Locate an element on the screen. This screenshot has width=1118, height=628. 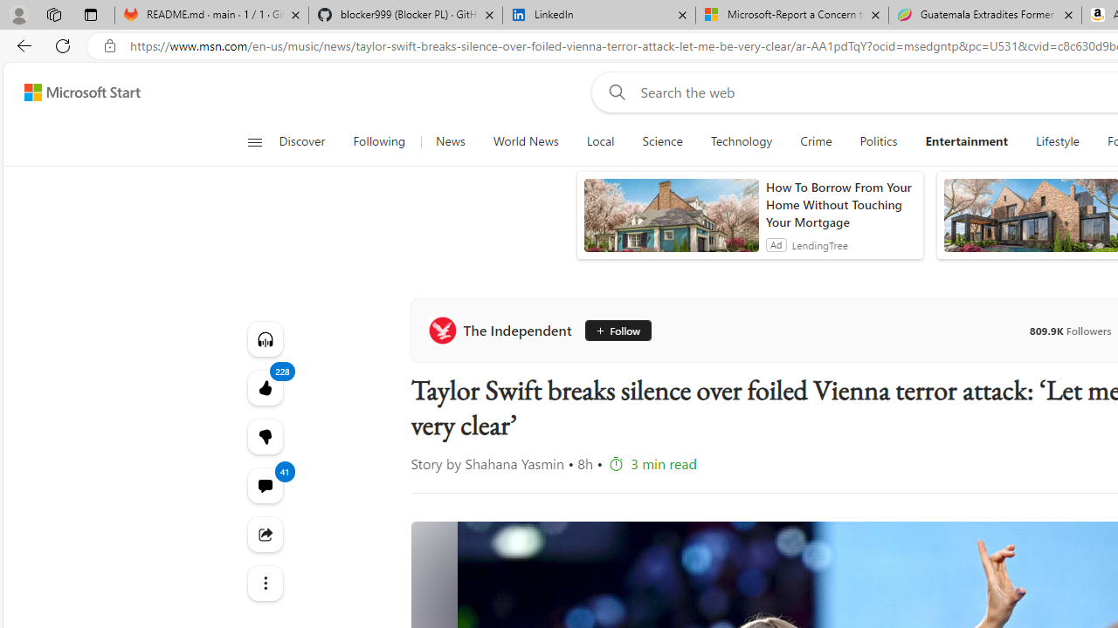
'anim-content' is located at coordinates (670, 222).